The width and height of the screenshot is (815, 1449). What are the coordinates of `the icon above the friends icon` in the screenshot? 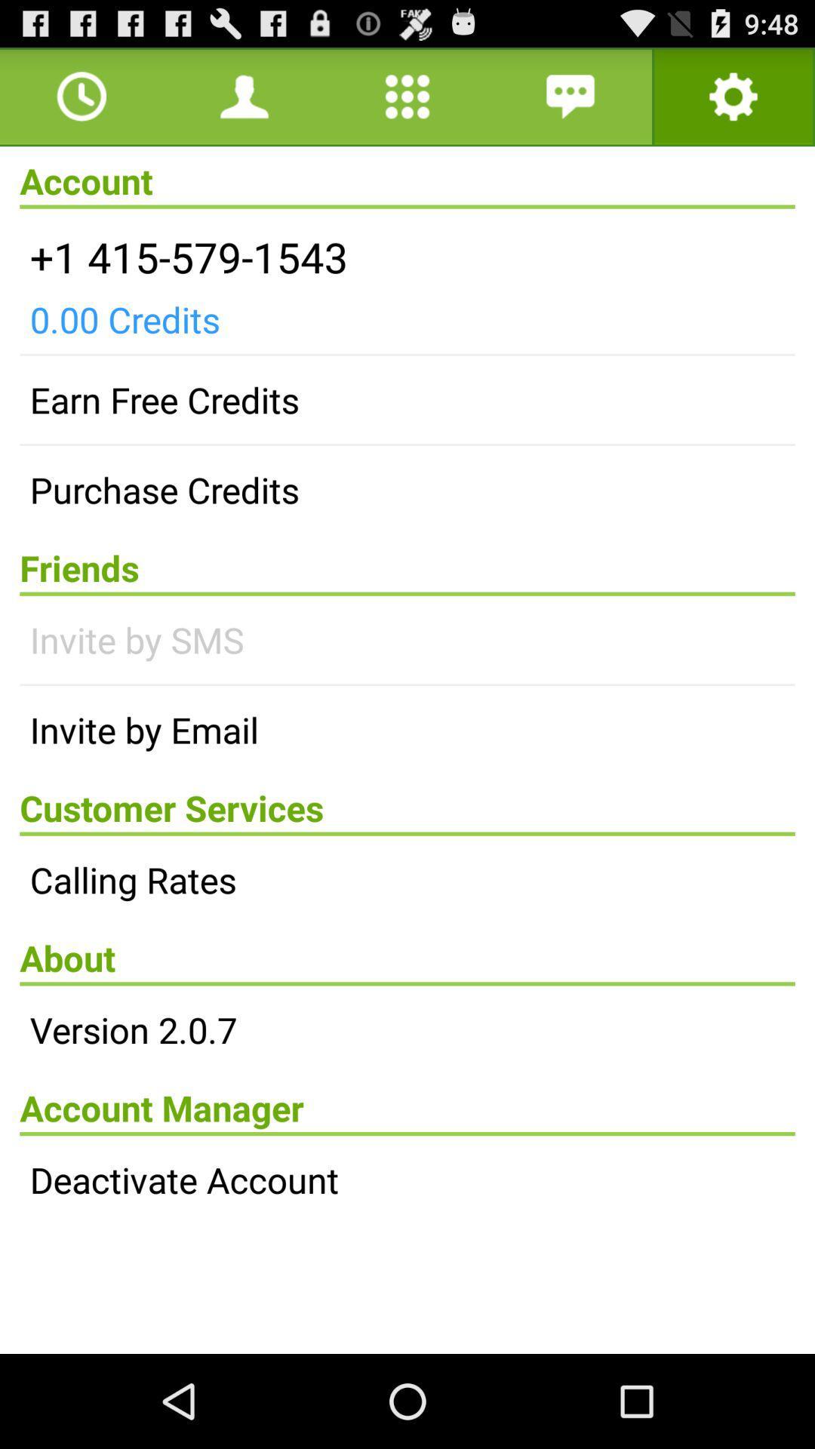 It's located at (407, 490).